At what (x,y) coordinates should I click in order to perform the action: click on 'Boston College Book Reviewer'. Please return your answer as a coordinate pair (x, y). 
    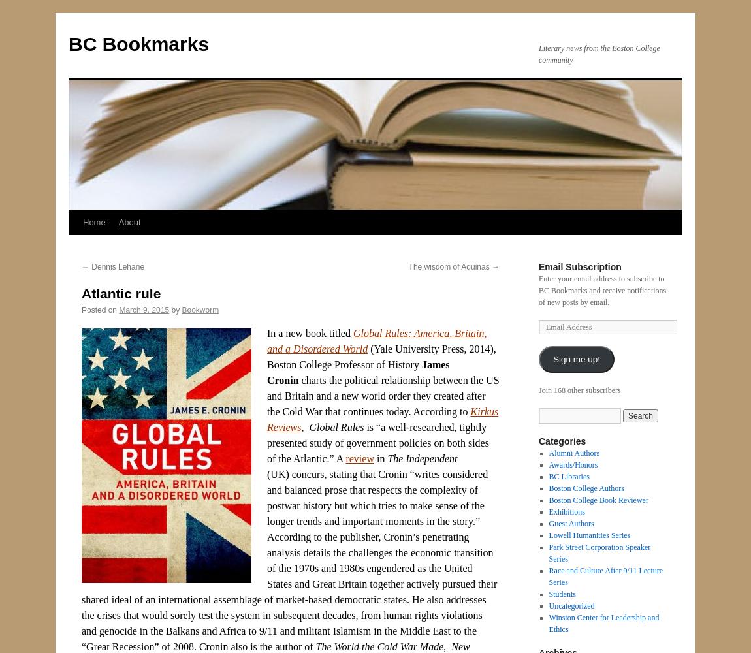
    Looking at the image, I should click on (598, 500).